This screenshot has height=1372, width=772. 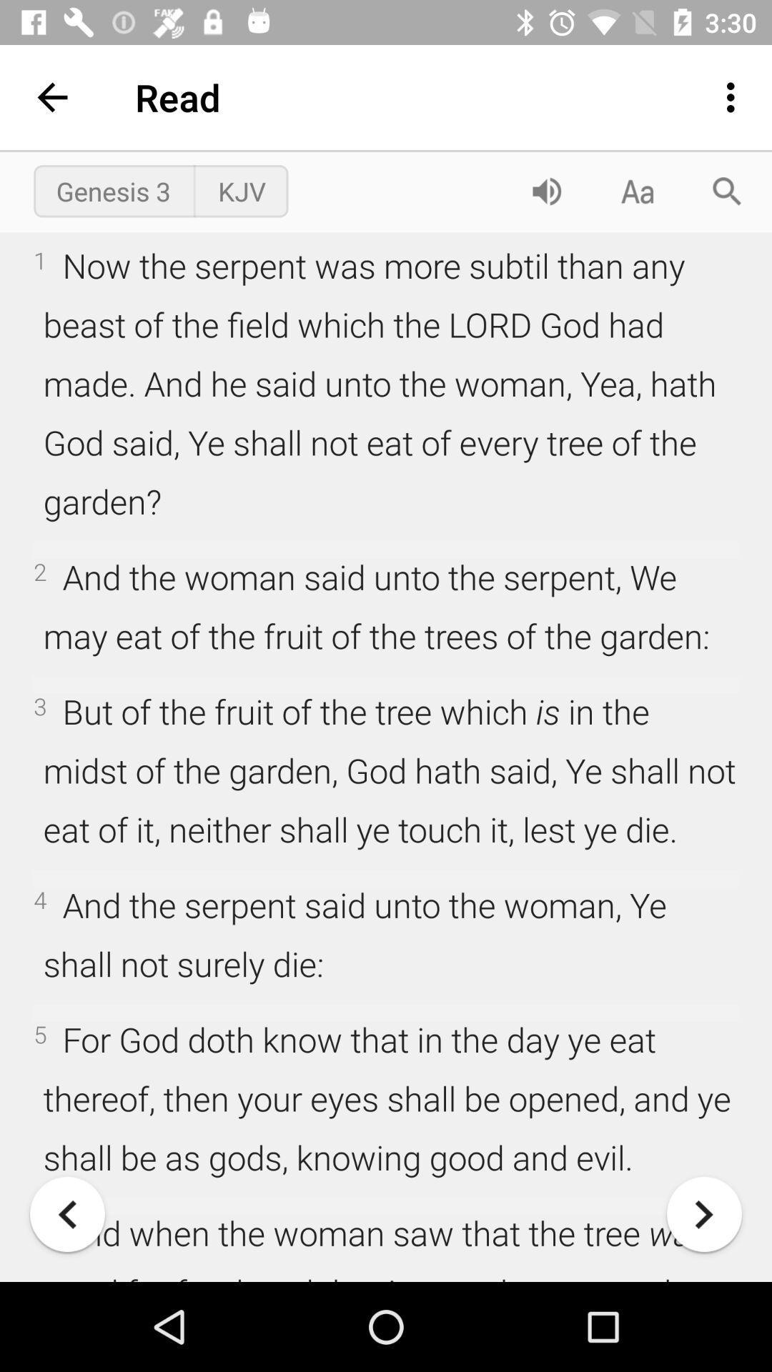 I want to click on go forward, so click(x=703, y=1213).